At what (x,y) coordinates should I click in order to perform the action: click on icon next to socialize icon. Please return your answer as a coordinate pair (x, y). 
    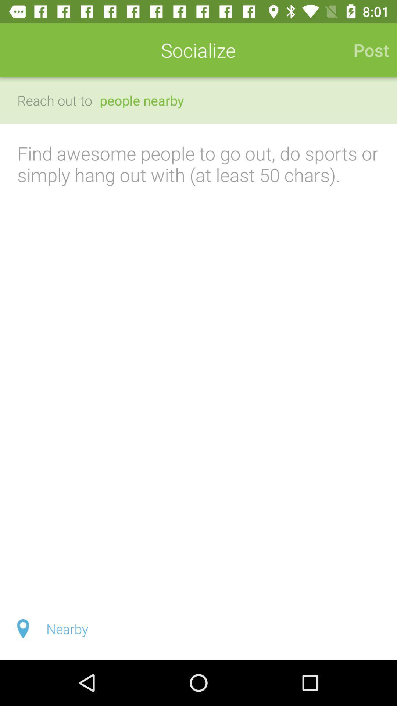
    Looking at the image, I should click on (367, 50).